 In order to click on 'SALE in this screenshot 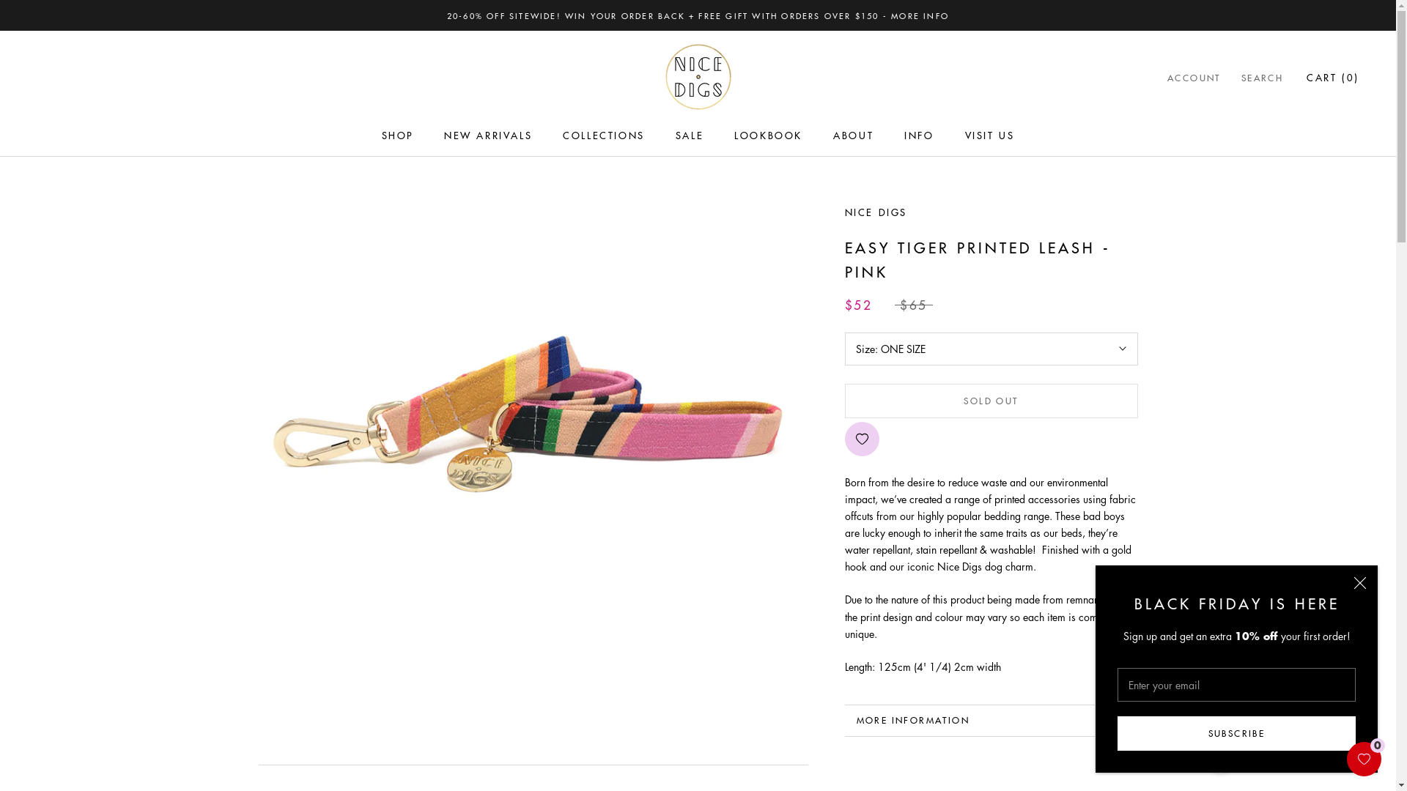, I will do `click(688, 135)`.